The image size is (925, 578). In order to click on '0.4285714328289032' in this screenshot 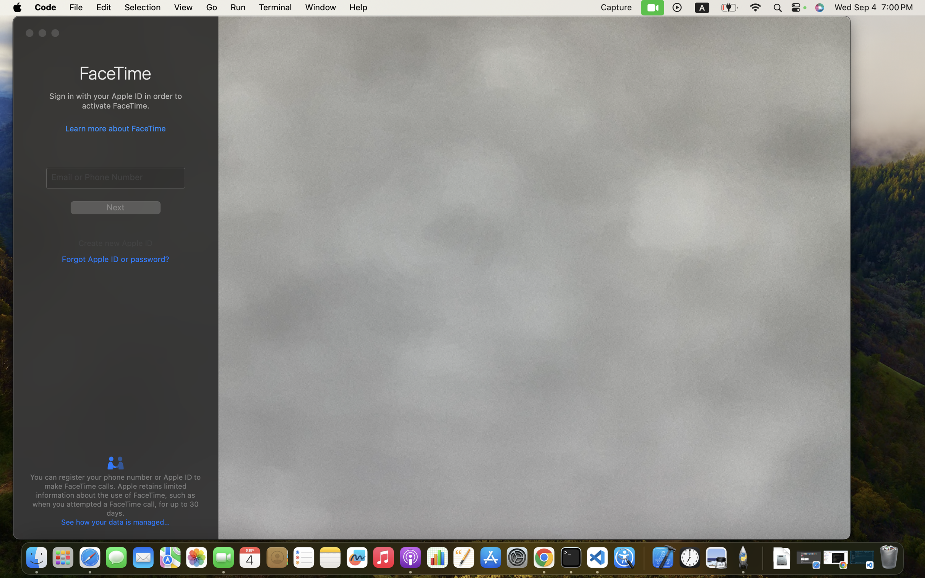, I will do `click(643, 558)`.